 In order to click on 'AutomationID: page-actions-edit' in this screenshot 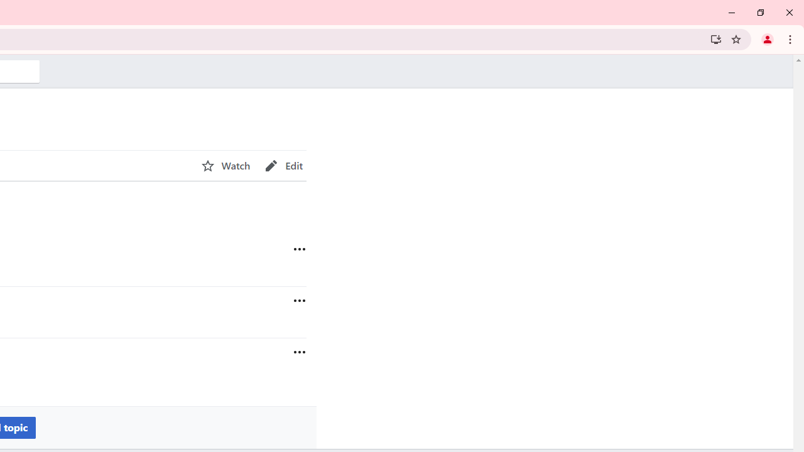, I will do `click(283, 165)`.